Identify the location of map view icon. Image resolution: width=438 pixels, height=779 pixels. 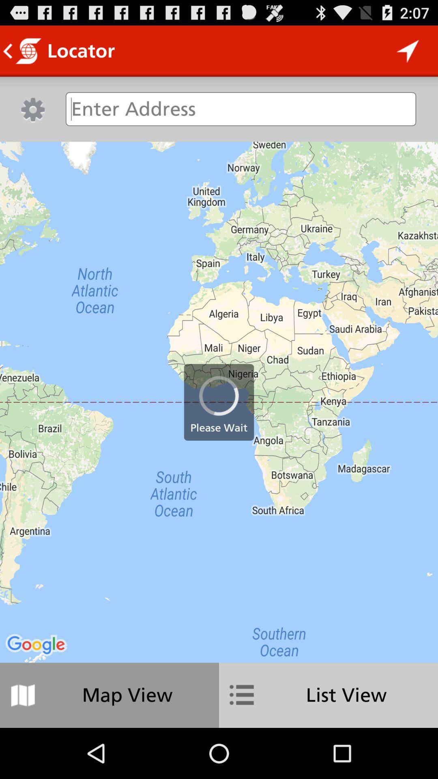
(109, 695).